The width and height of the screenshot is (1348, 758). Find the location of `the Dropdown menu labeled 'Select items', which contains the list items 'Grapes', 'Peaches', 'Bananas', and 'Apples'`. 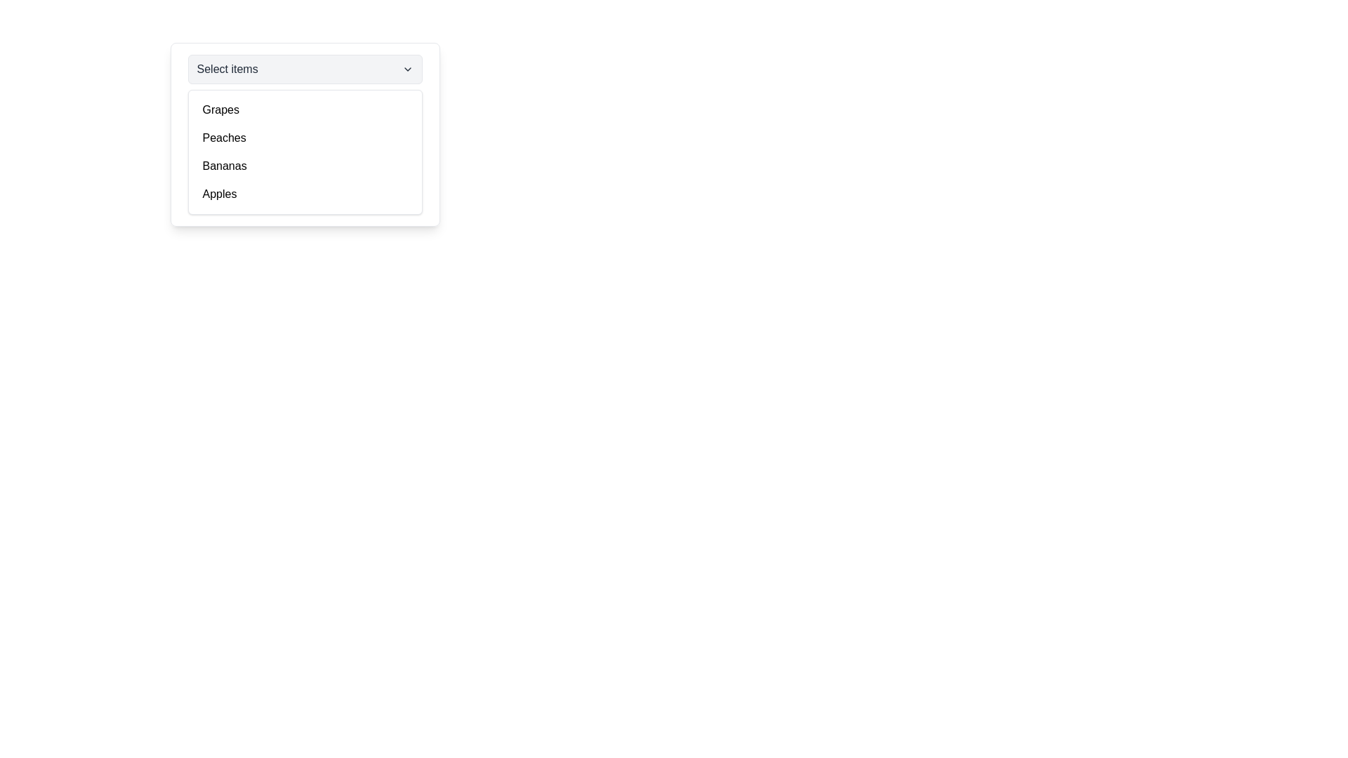

the Dropdown menu labeled 'Select items', which contains the list items 'Grapes', 'Peaches', 'Bananas', and 'Apples' is located at coordinates (304, 135).